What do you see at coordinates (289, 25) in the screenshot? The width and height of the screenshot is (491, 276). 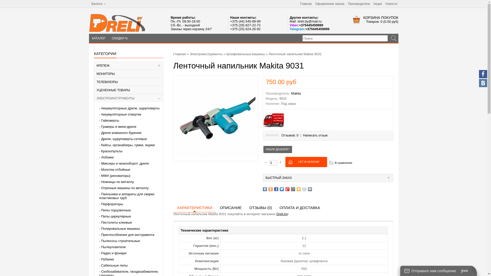 I see `'Viber:+375445459999'` at bounding box center [289, 25].